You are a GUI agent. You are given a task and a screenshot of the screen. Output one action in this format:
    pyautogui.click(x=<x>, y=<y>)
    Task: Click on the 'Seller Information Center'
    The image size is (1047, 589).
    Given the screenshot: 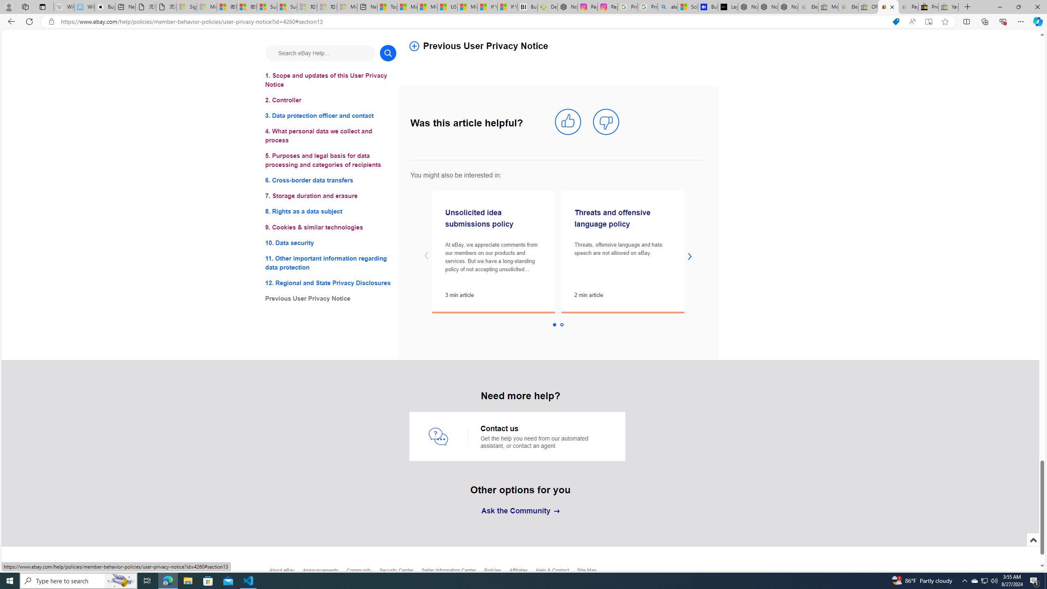 What is the action you would take?
    pyautogui.click(x=452, y=572)
    